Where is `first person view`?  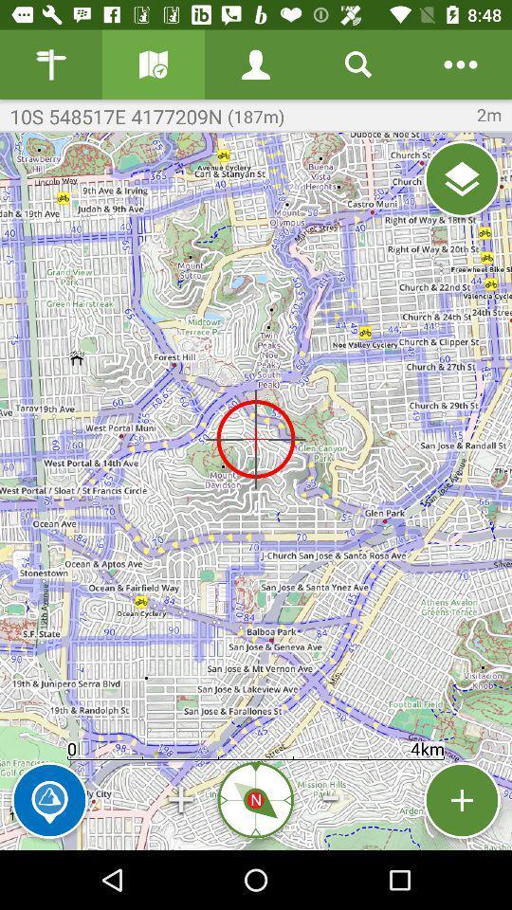 first person view is located at coordinates (256, 64).